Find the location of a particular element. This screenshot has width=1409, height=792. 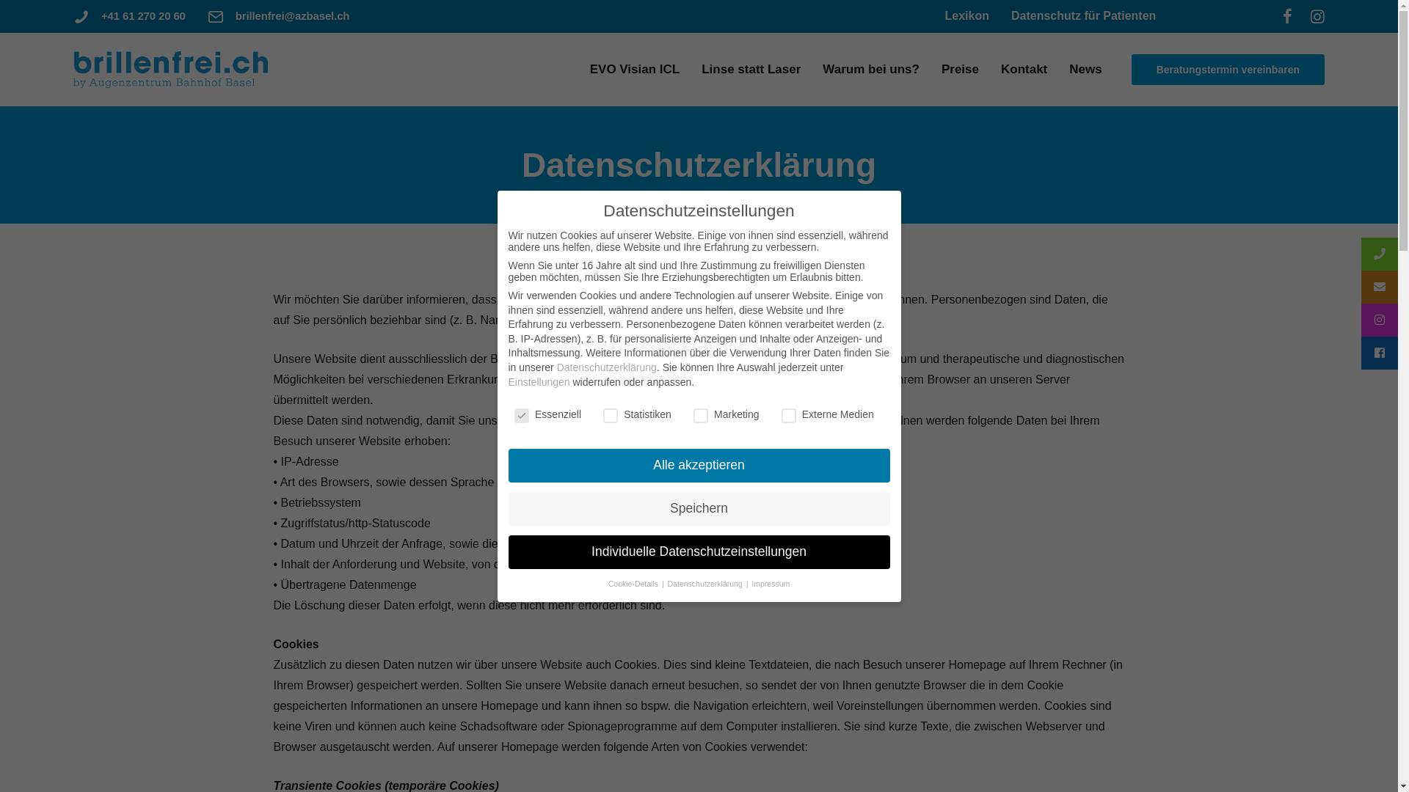

'Individuelle Datenschutzeinstellungen' is located at coordinates (697, 551).